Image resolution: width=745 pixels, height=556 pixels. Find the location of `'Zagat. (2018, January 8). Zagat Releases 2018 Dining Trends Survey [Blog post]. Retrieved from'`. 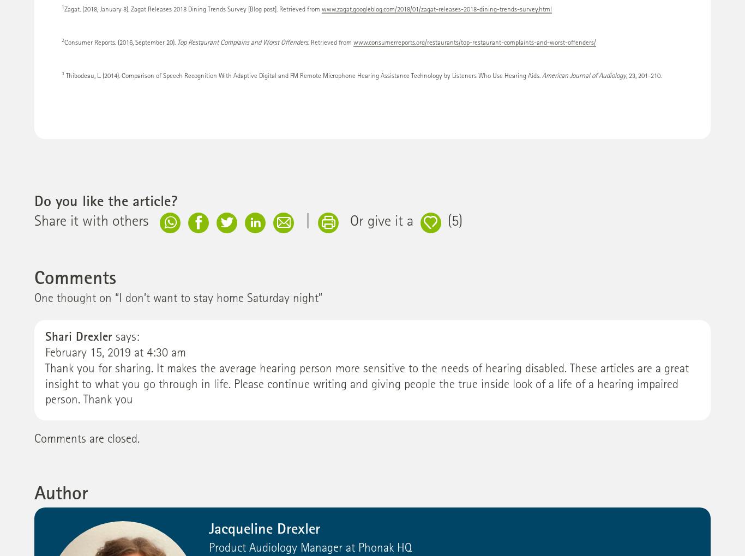

'Zagat. (2018, January 8). Zagat Releases 2018 Dining Trends Survey [Blog post]. Retrieved from' is located at coordinates (64, 9).